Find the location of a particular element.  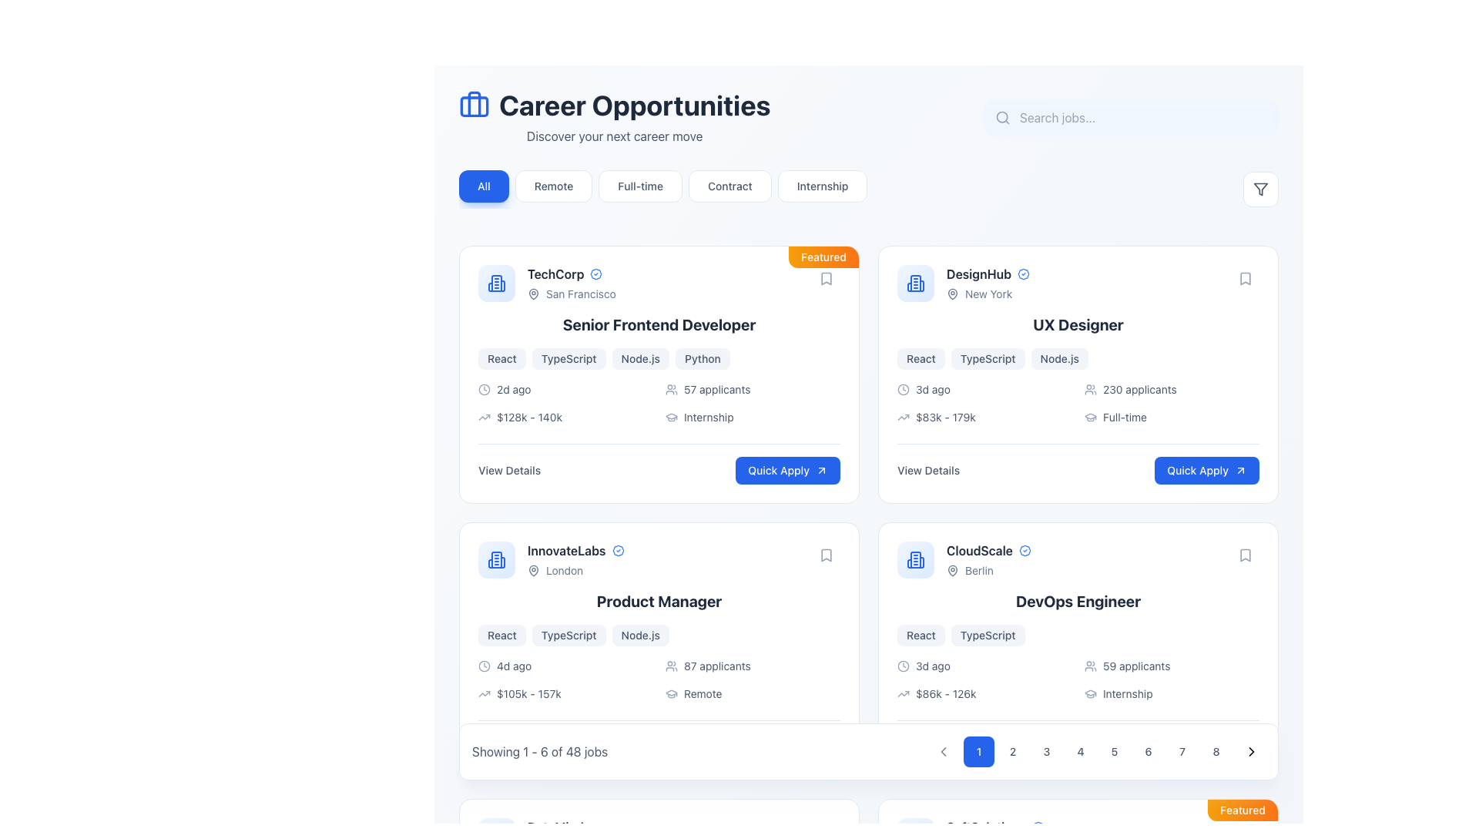

the bookmark icon with a rounded rectangle and gradient blue background located at the top-right corner of the 'InnovateLabs' job listing card is located at coordinates (826, 555).